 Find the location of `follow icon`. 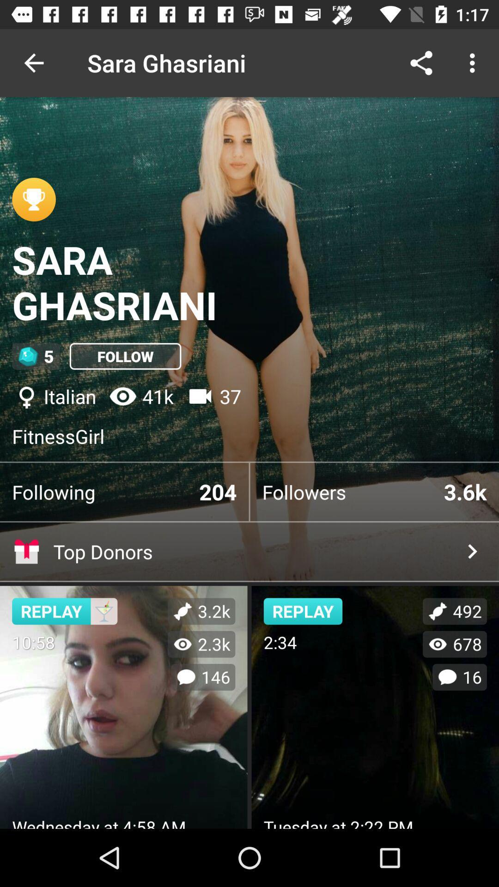

follow icon is located at coordinates (125, 356).